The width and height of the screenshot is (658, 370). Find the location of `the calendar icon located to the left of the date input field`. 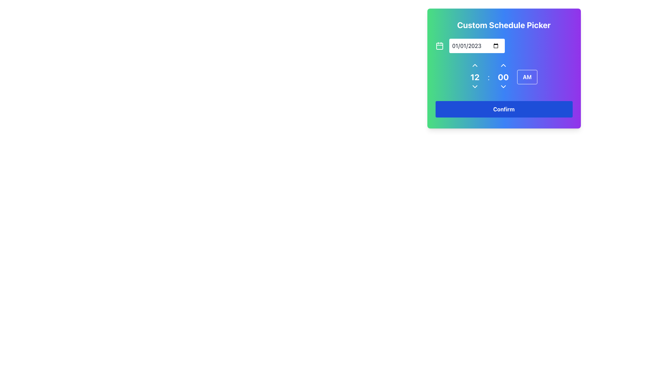

the calendar icon located to the left of the date input field is located at coordinates (439, 46).